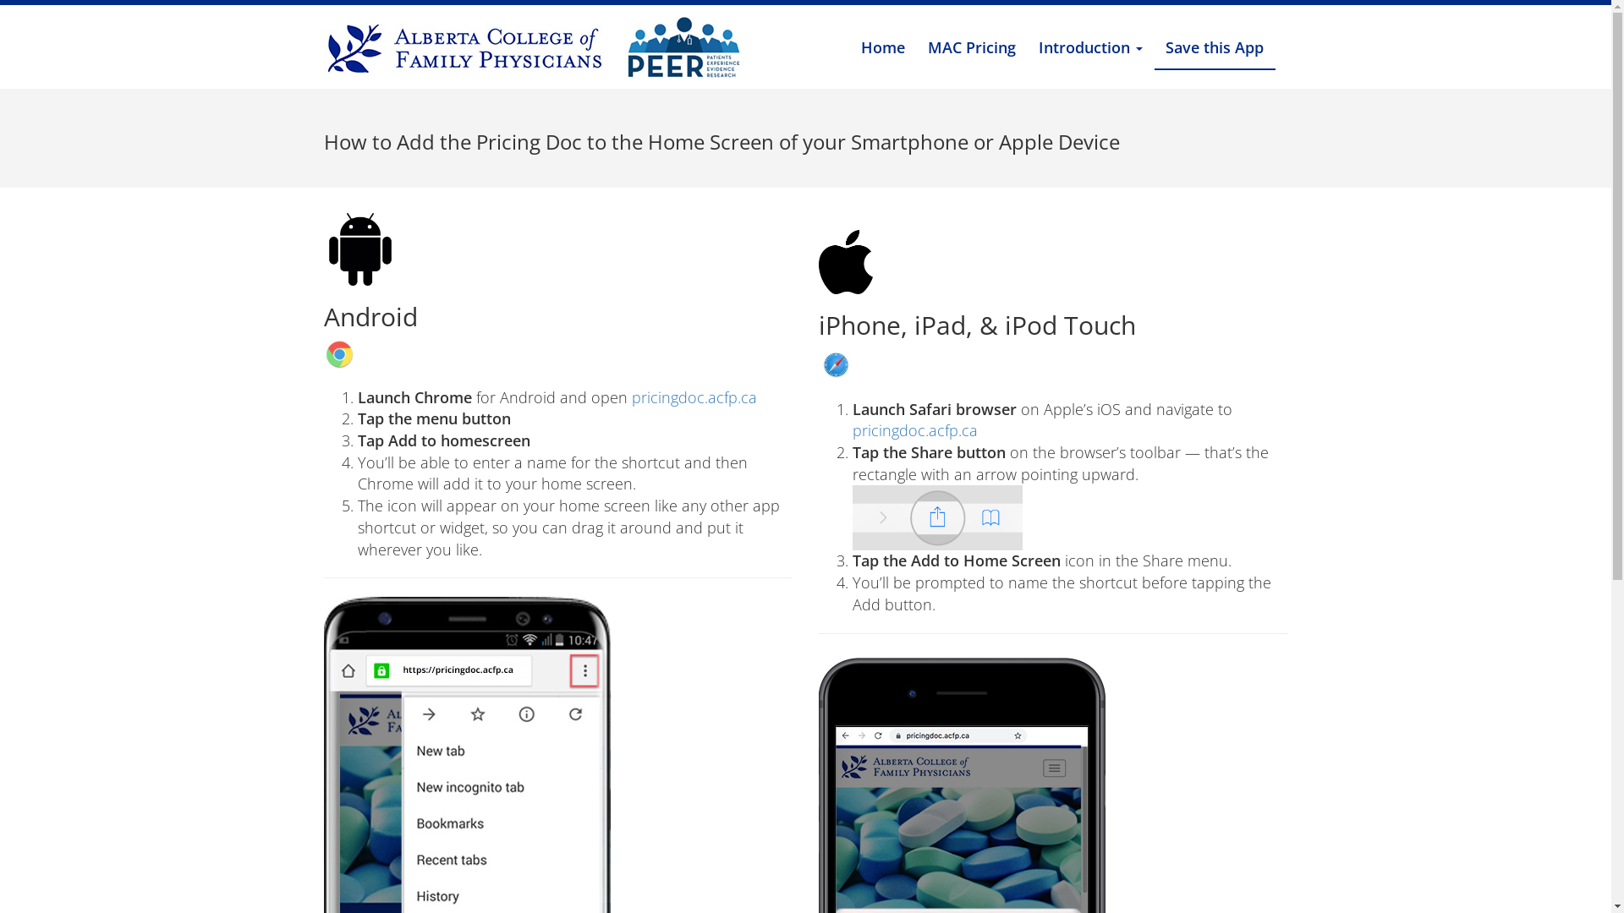  Describe the element at coordinates (1213, 47) in the screenshot. I see `'Save this App'` at that location.